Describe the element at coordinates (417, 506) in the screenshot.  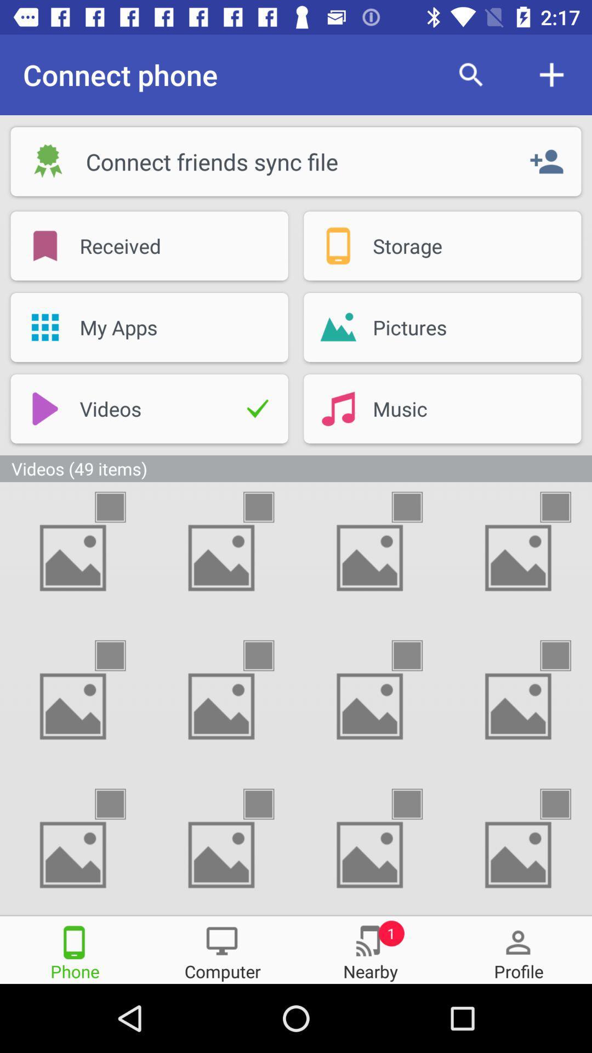
I see `photo option` at that location.